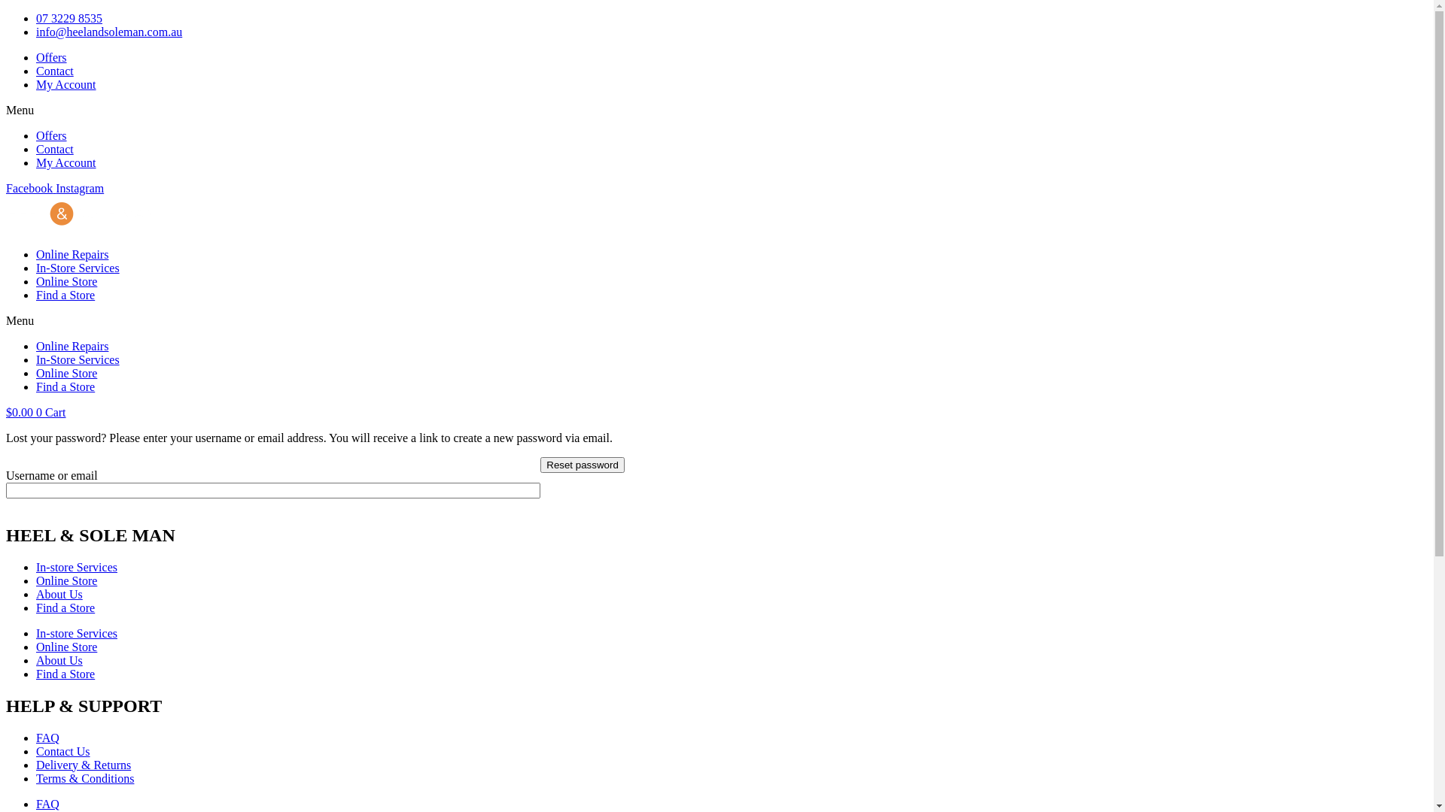 Image resolution: width=1445 pixels, height=812 pixels. Describe the element at coordinates (581, 464) in the screenshot. I see `'Reset password'` at that location.